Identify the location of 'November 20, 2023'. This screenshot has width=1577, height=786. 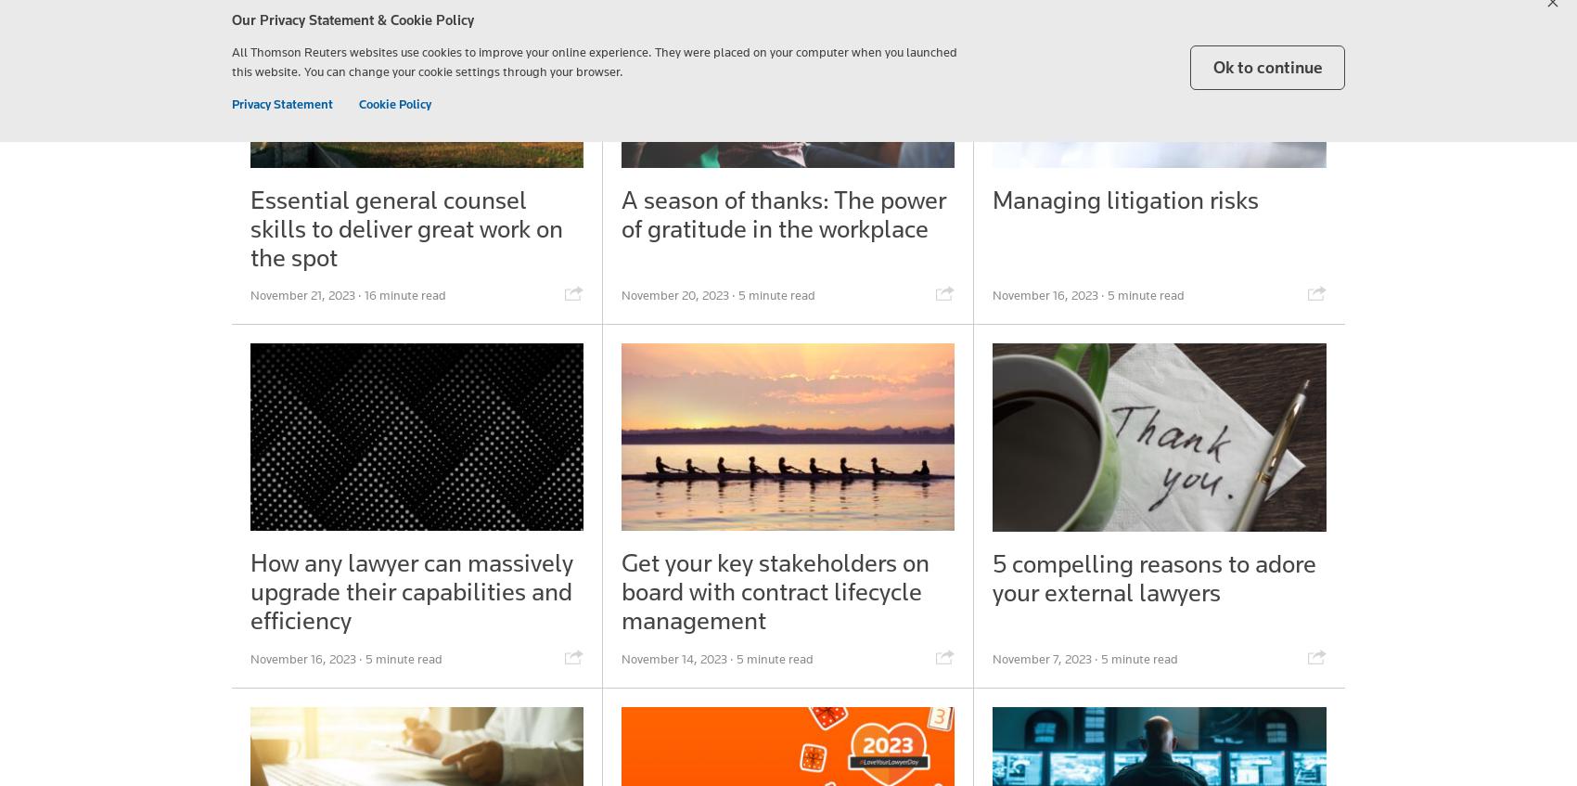
(673, 295).